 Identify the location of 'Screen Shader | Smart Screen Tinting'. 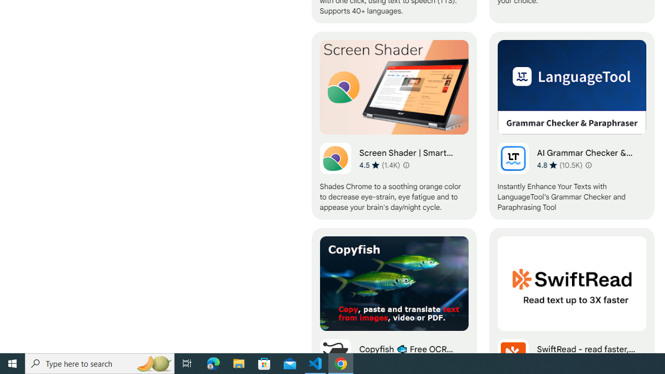
(393, 125).